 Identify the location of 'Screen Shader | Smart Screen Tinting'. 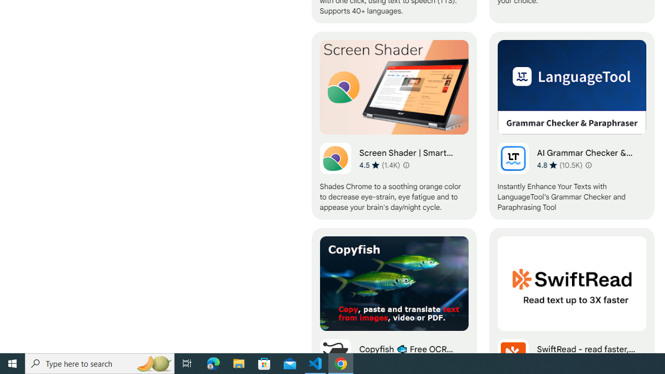
(393, 125).